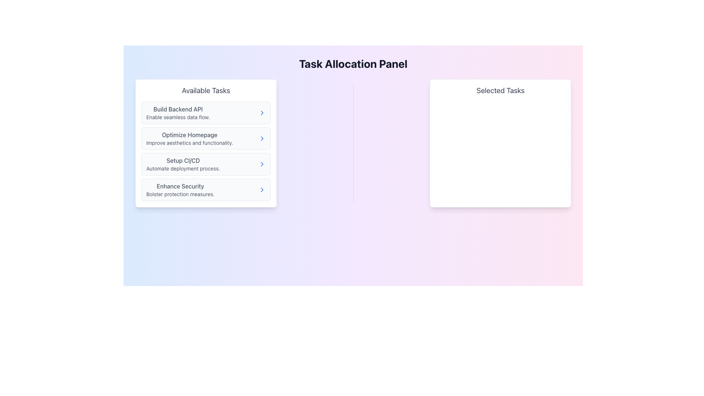 The height and width of the screenshot is (396, 704). Describe the element at coordinates (262, 189) in the screenshot. I see `the icon button located next to the 'Enhance Security' label in the 'Available Tasks' section` at that location.